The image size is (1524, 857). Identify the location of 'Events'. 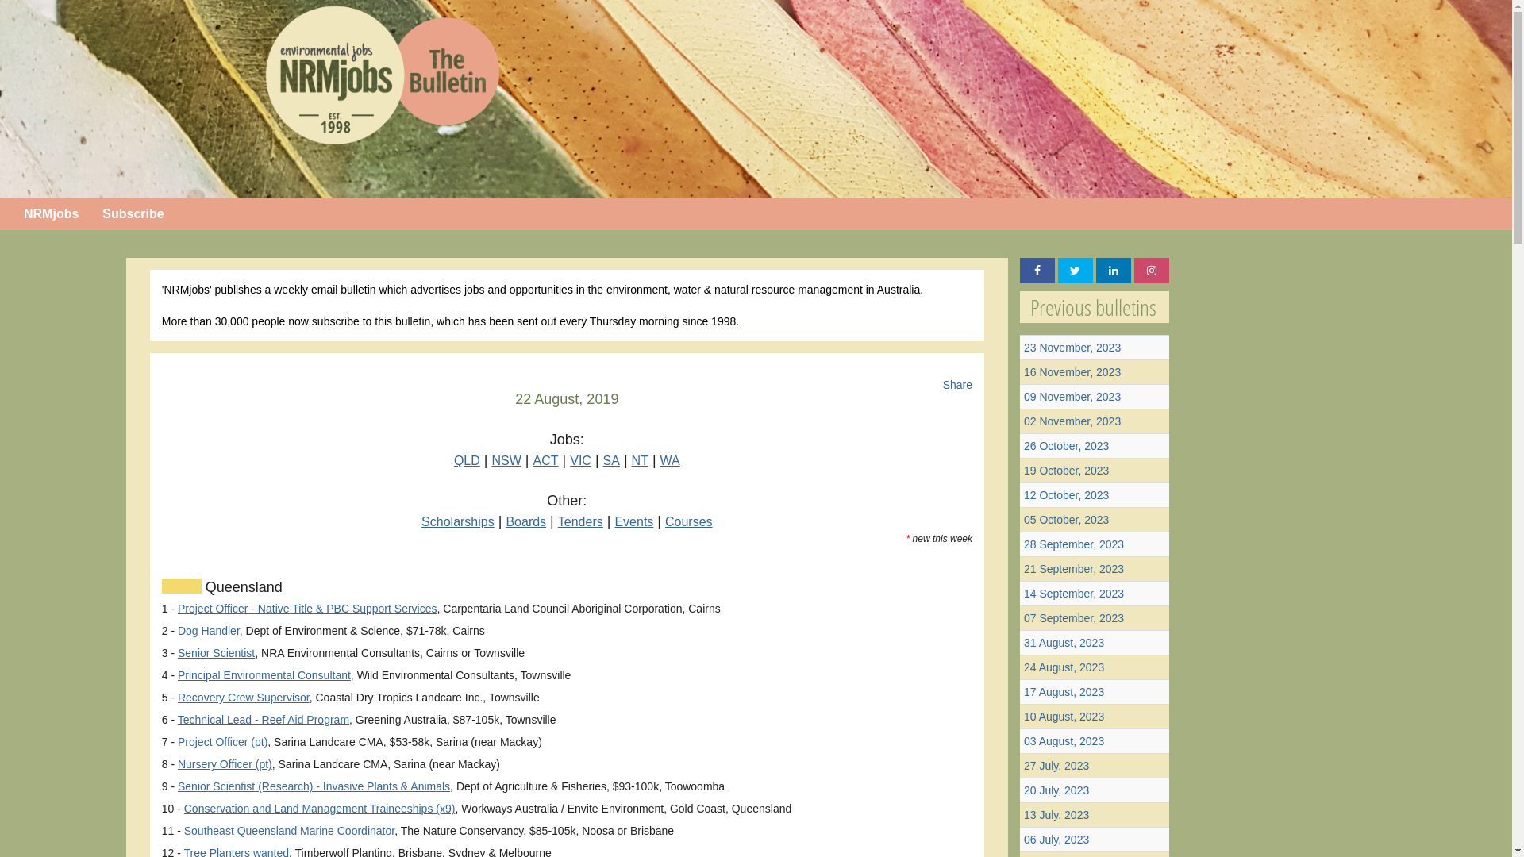
(613, 521).